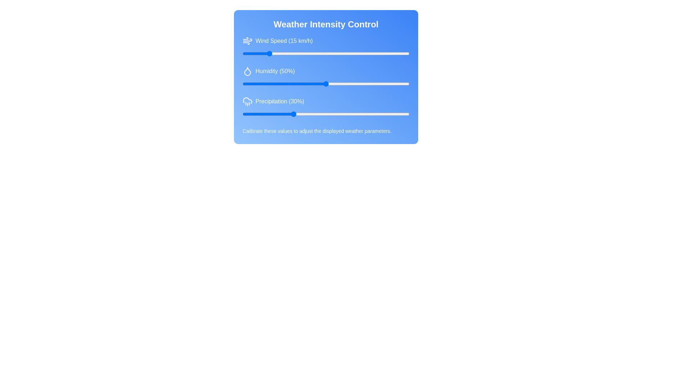 This screenshot has width=691, height=389. Describe the element at coordinates (332, 53) in the screenshot. I see `the wind speed` at that location.